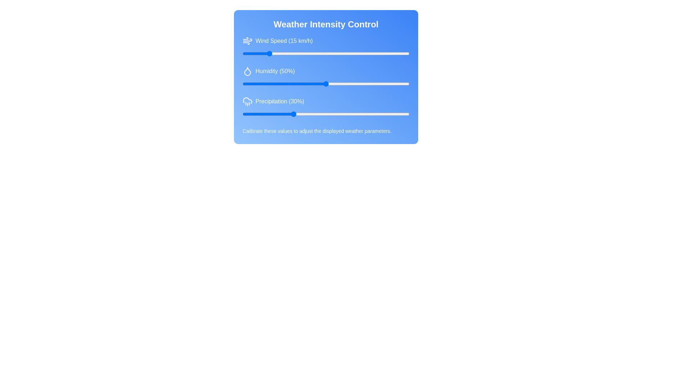 This screenshot has width=691, height=389. Describe the element at coordinates (332, 53) in the screenshot. I see `the wind speed` at that location.